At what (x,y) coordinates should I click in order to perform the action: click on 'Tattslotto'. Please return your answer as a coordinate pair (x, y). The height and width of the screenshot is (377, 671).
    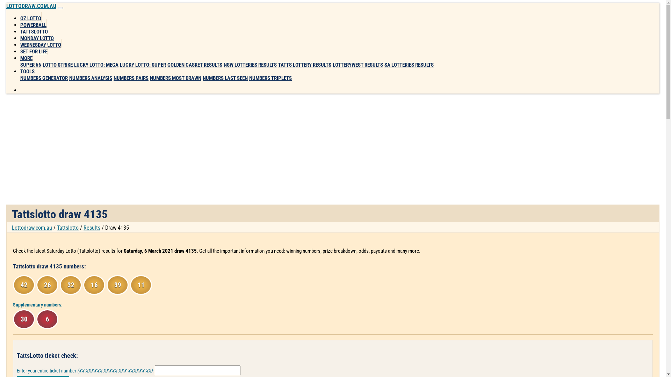
    Looking at the image, I should click on (67, 228).